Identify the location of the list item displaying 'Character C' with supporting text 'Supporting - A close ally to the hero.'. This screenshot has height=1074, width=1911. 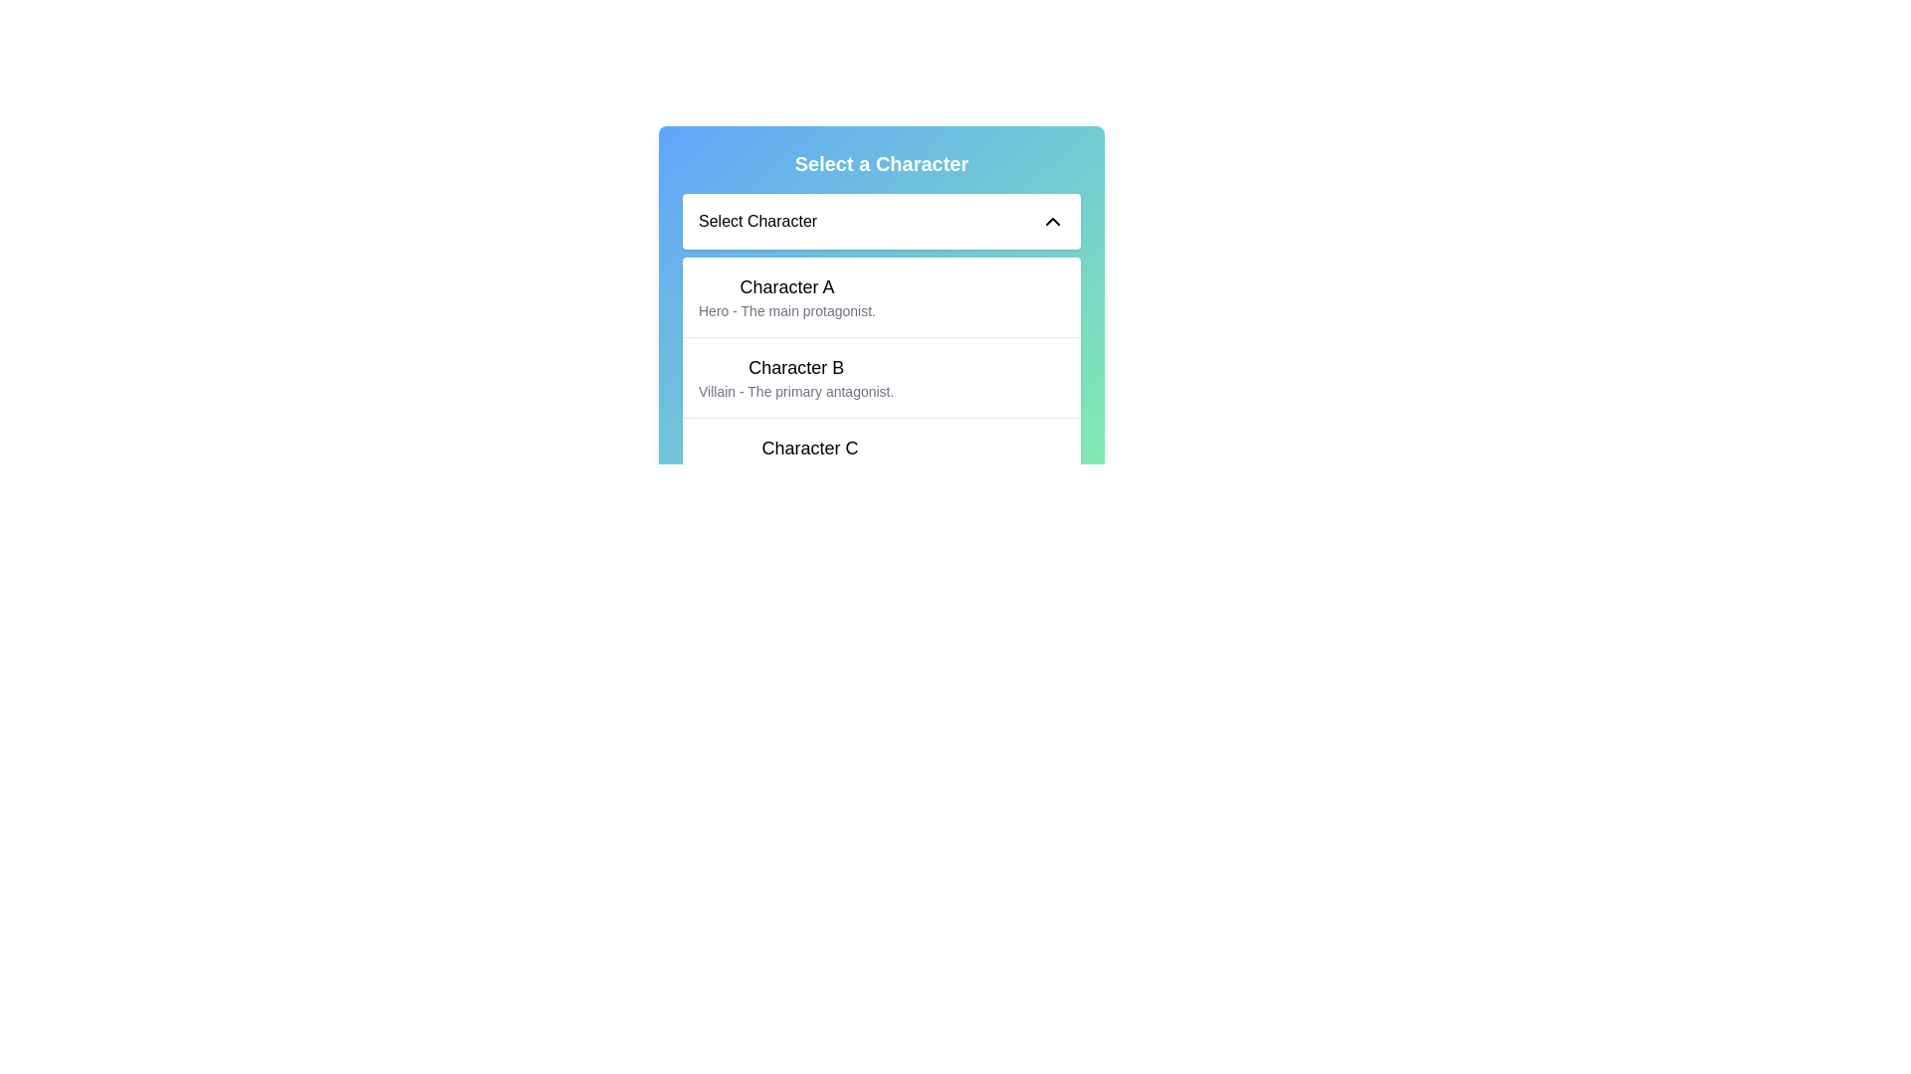
(810, 458).